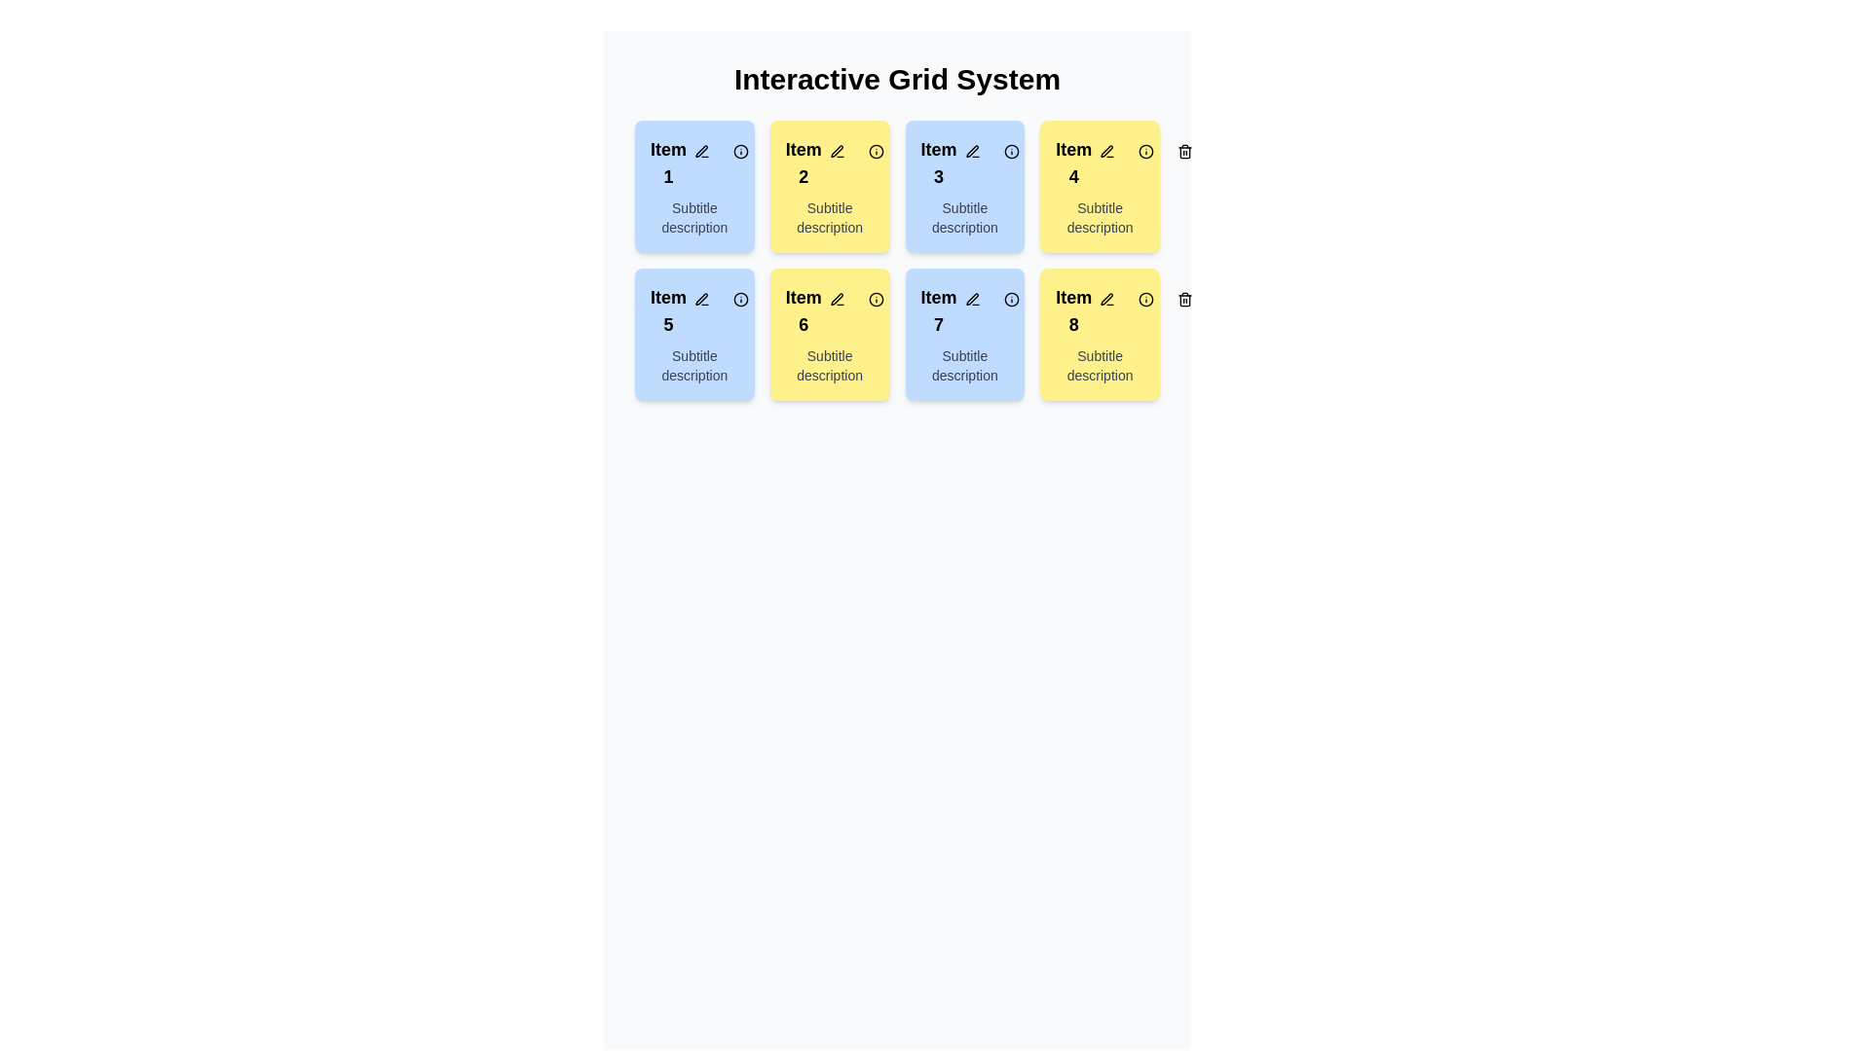 Image resolution: width=1870 pixels, height=1051 pixels. I want to click on the circular button with an 'info' icon located in the bottom-right corner of the card labeled 'Item 8', so click(1146, 300).